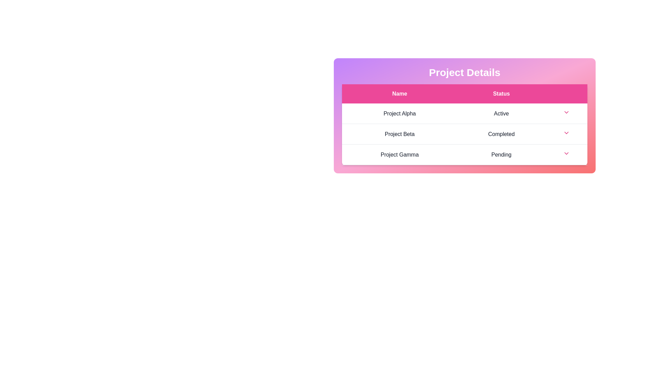 This screenshot has width=658, height=370. What do you see at coordinates (400, 94) in the screenshot?
I see `the header to sort the table by Name` at bounding box center [400, 94].